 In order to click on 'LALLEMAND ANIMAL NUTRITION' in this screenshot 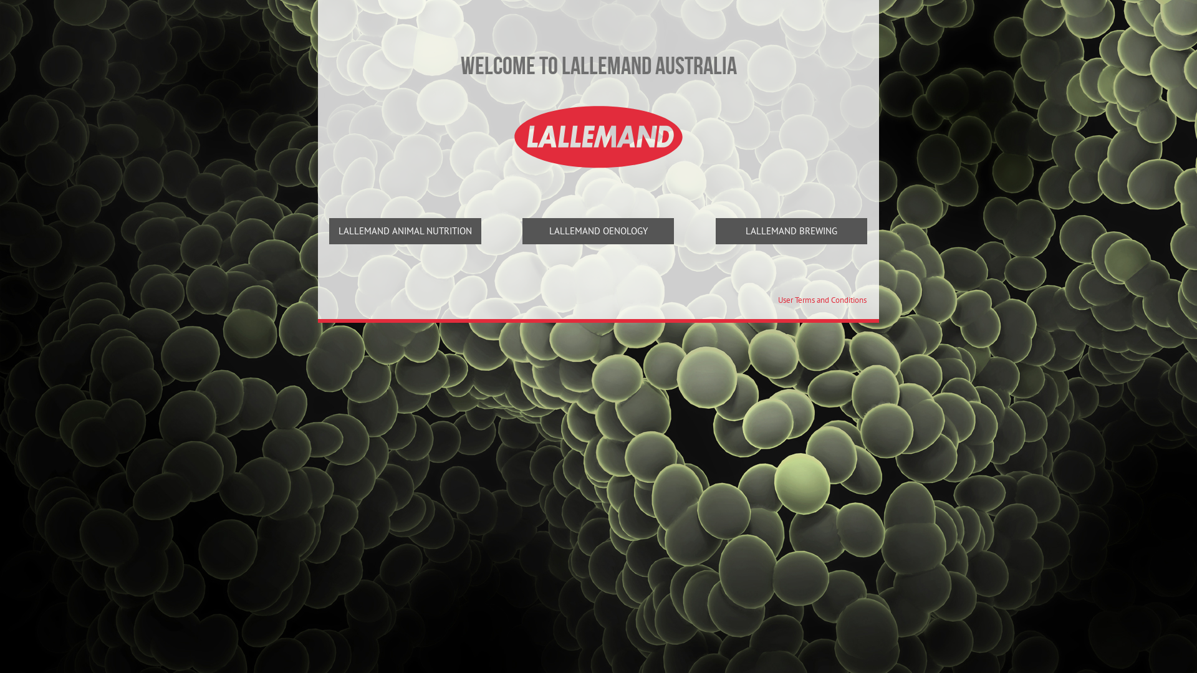, I will do `click(405, 231)`.